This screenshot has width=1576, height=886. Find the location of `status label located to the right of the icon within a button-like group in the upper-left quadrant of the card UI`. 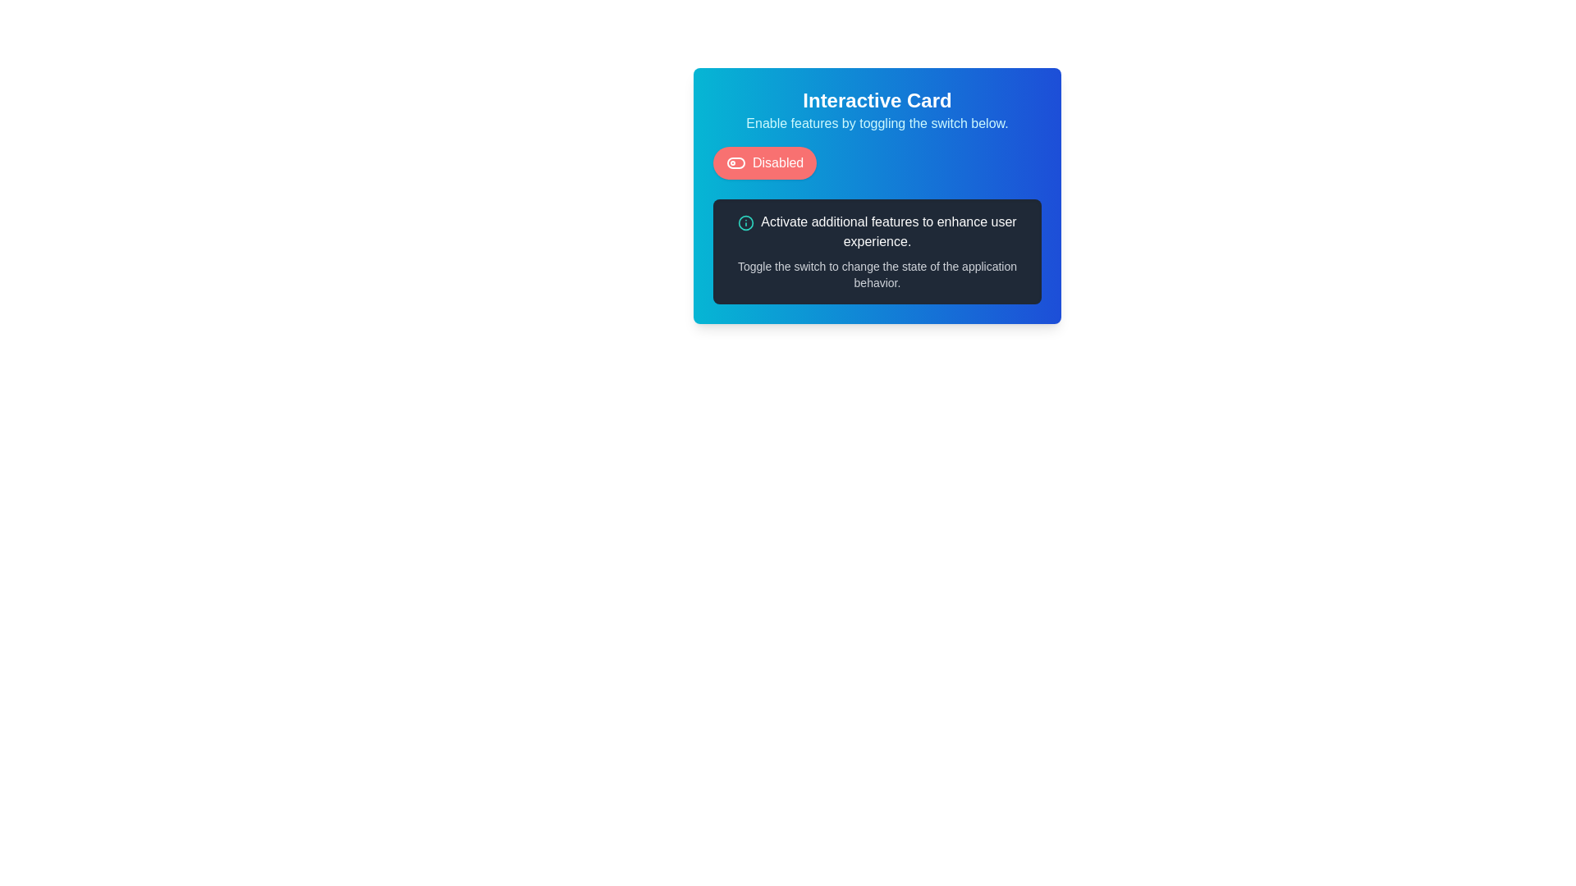

status label located to the right of the icon within a button-like group in the upper-left quadrant of the card UI is located at coordinates (777, 163).